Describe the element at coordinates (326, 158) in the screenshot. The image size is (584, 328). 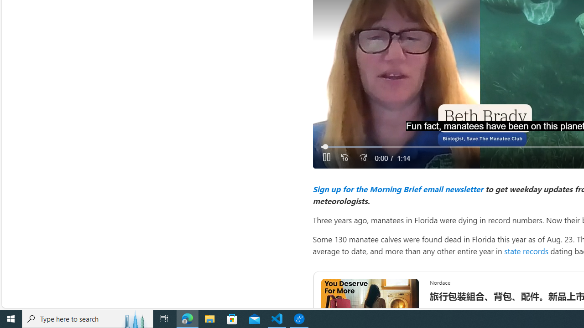
I see `'Pause'` at that location.